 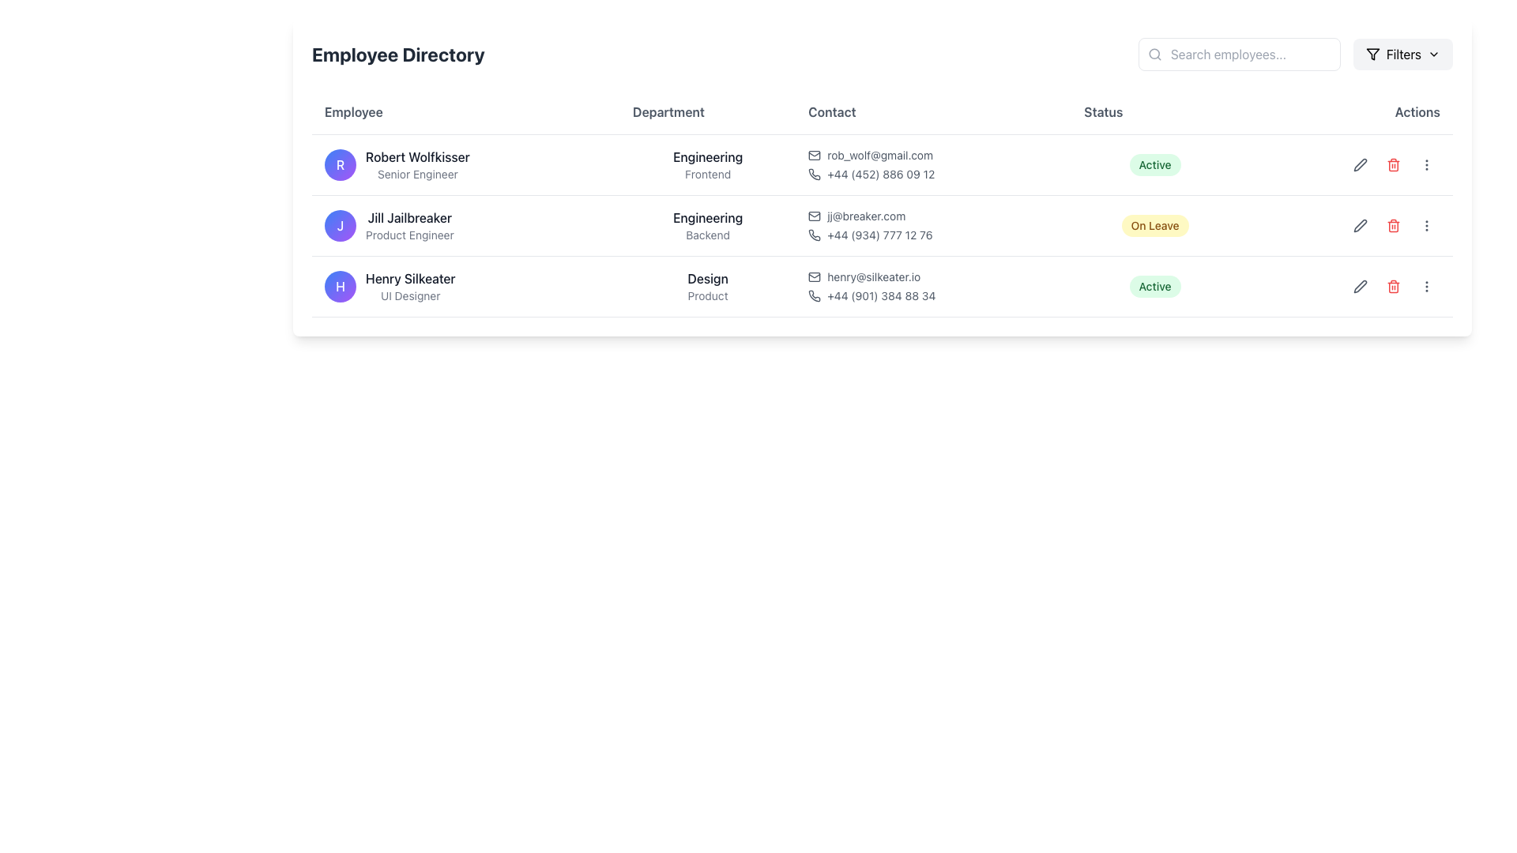 What do you see at coordinates (340, 286) in the screenshot?
I see `the profile avatar of 'Henry Silkeater', the UI Designer, located on the left side of the row in the Employee Directory` at bounding box center [340, 286].